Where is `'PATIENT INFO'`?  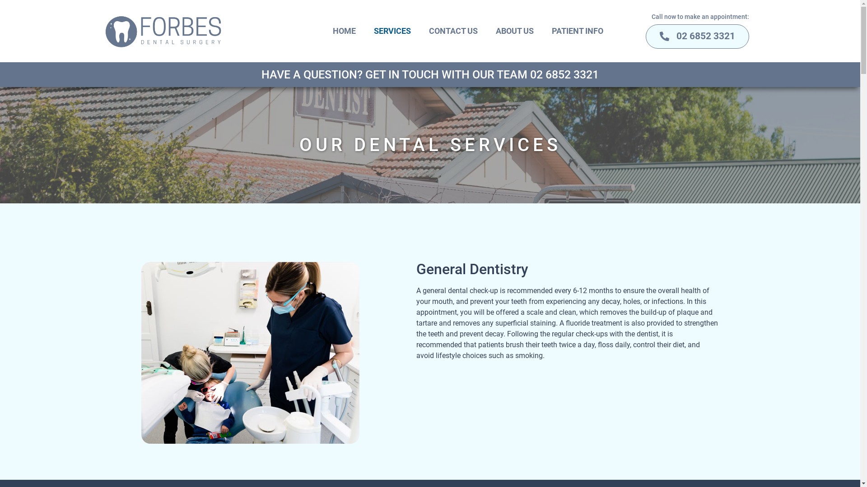
'PATIENT INFO' is located at coordinates (542, 31).